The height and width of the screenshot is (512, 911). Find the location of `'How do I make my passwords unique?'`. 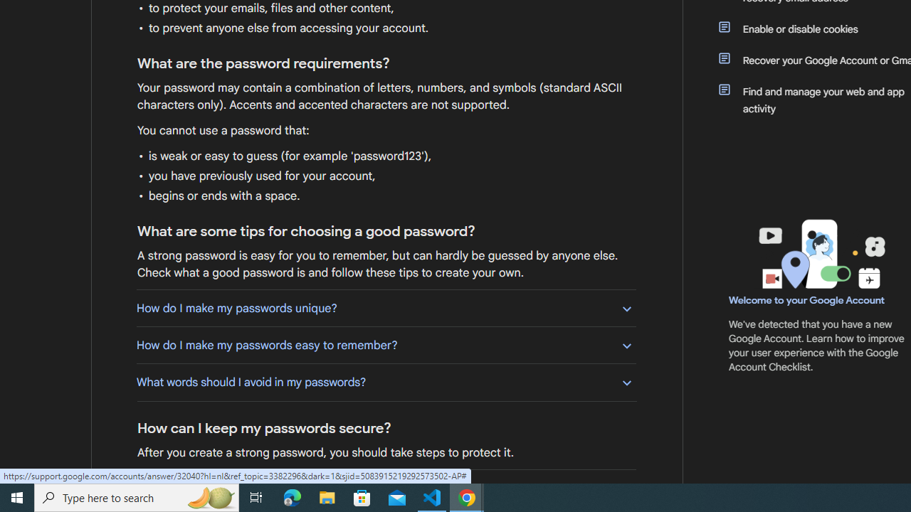

'How do I make my passwords unique?' is located at coordinates (386, 307).